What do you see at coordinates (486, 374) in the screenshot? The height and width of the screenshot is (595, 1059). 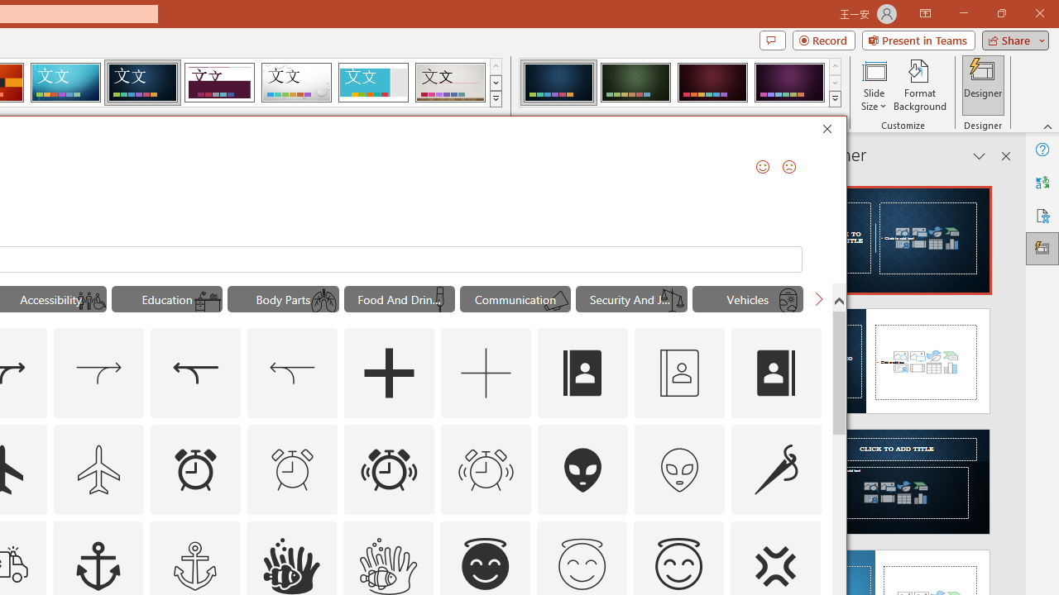 I see `'AutomationID: Icons_Add_M'` at bounding box center [486, 374].